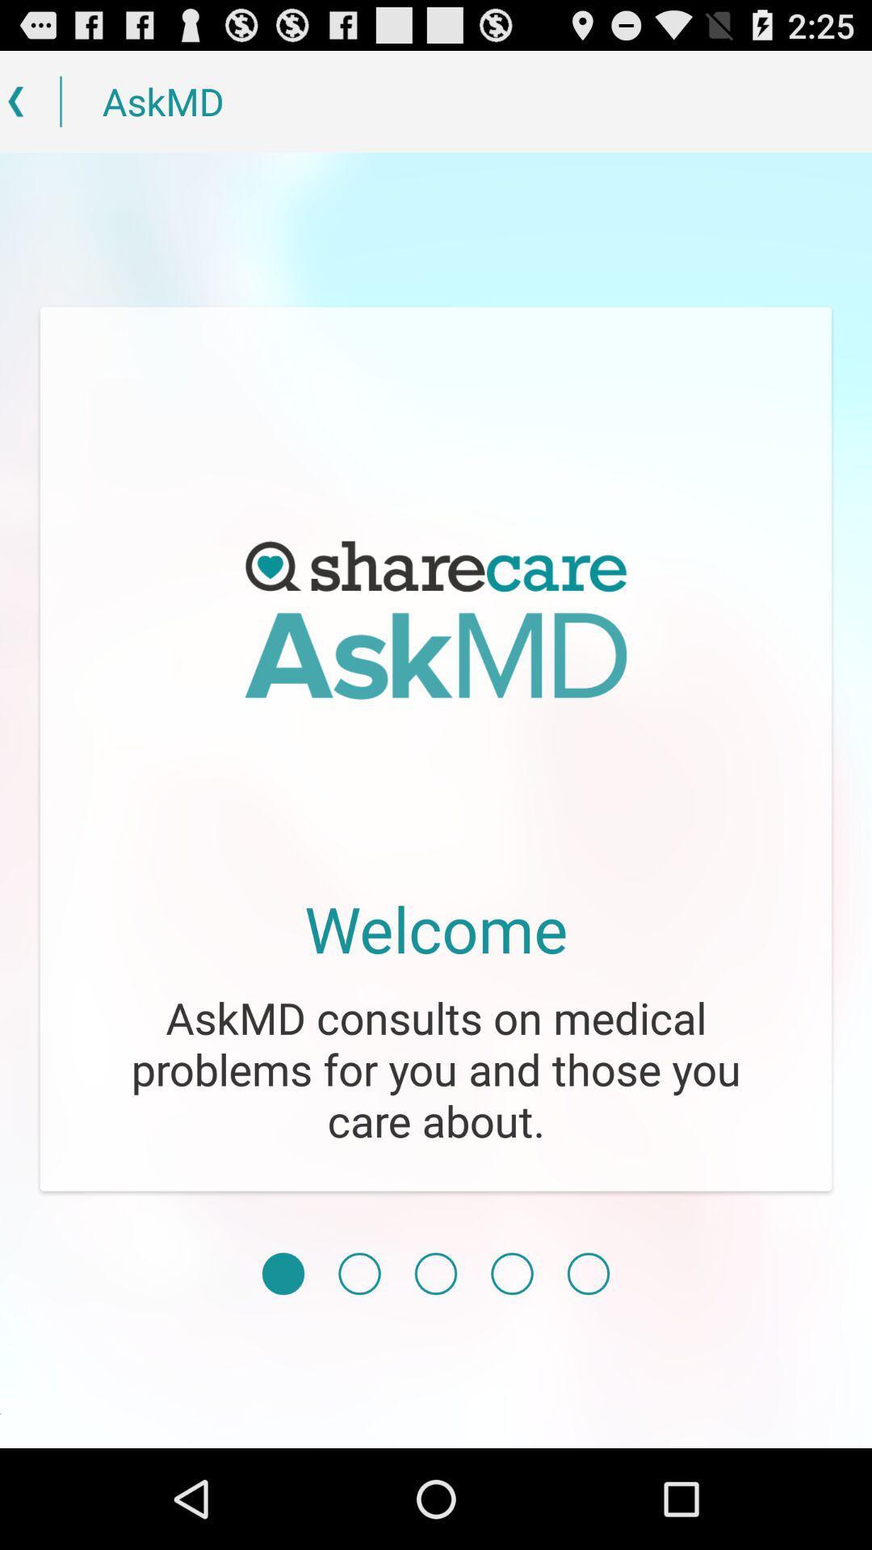 Image resolution: width=872 pixels, height=1550 pixels. Describe the element at coordinates (358, 1273) in the screenshot. I see `next screen` at that location.